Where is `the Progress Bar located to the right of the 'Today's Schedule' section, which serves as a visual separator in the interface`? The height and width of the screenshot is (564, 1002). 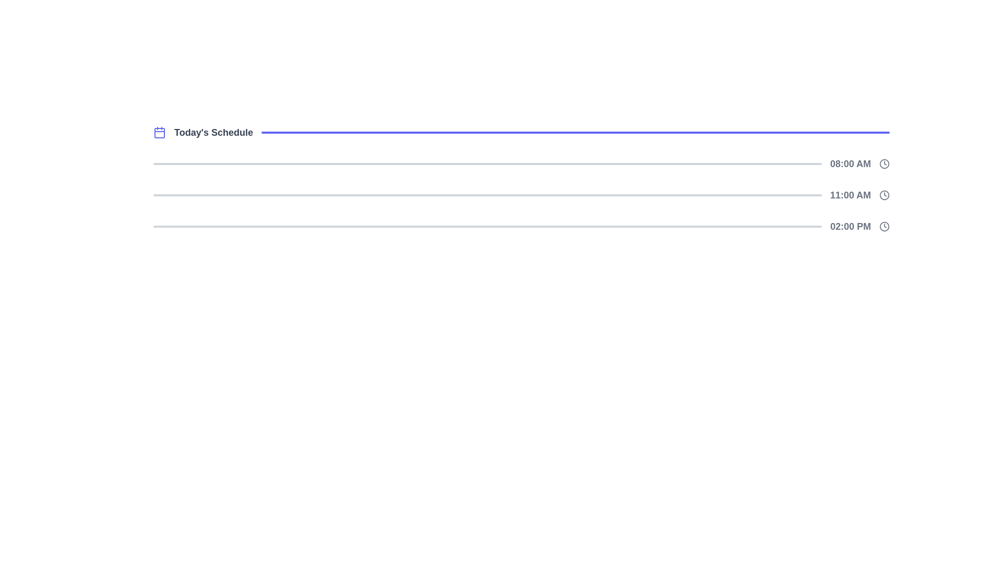
the Progress Bar located to the right of the 'Today's Schedule' section, which serves as a visual separator in the interface is located at coordinates (575, 132).